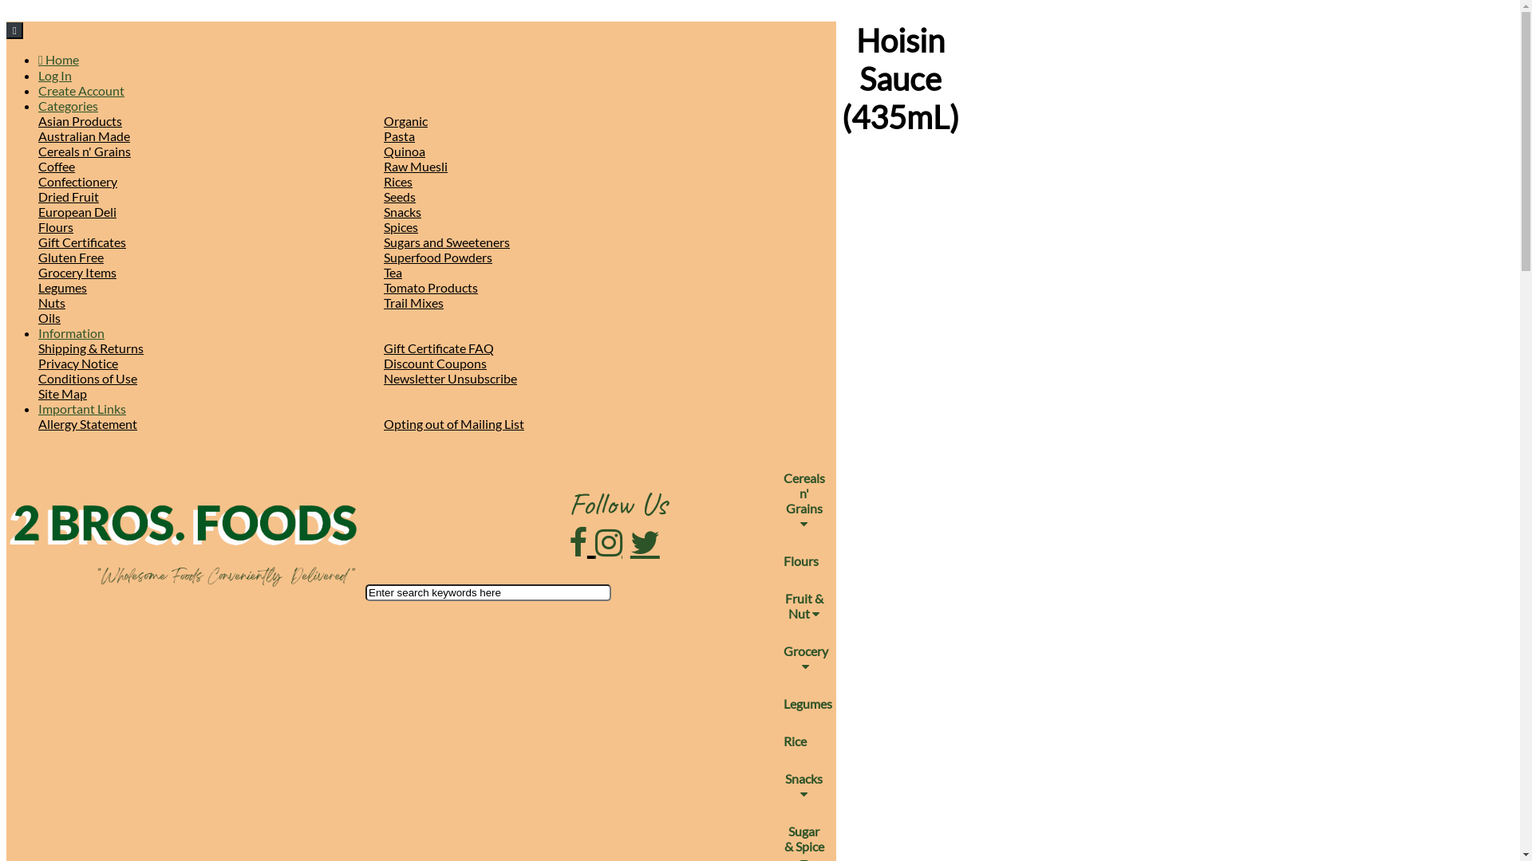 The height and width of the screenshot is (861, 1532). I want to click on 'Tomato Products', so click(430, 287).